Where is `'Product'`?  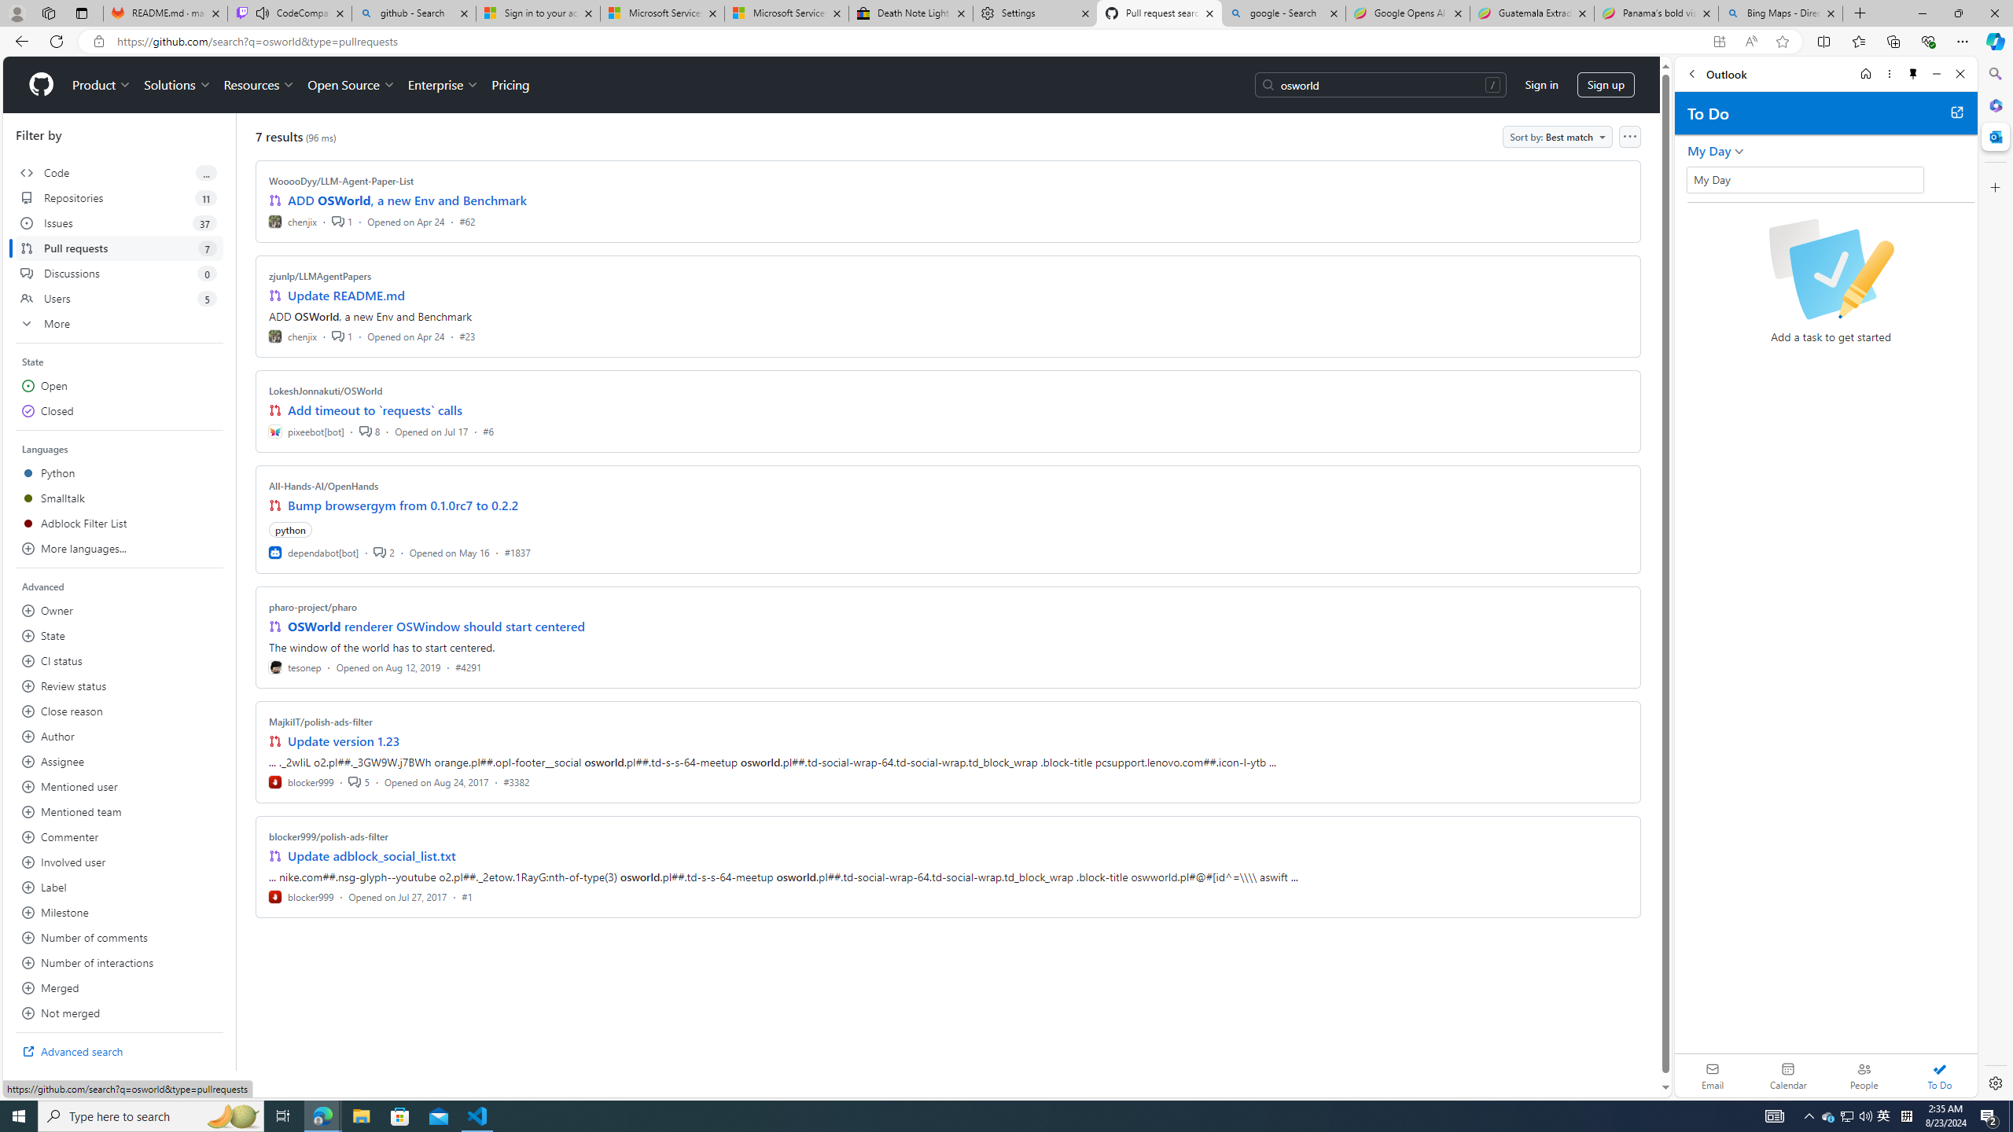 'Product' is located at coordinates (102, 84).